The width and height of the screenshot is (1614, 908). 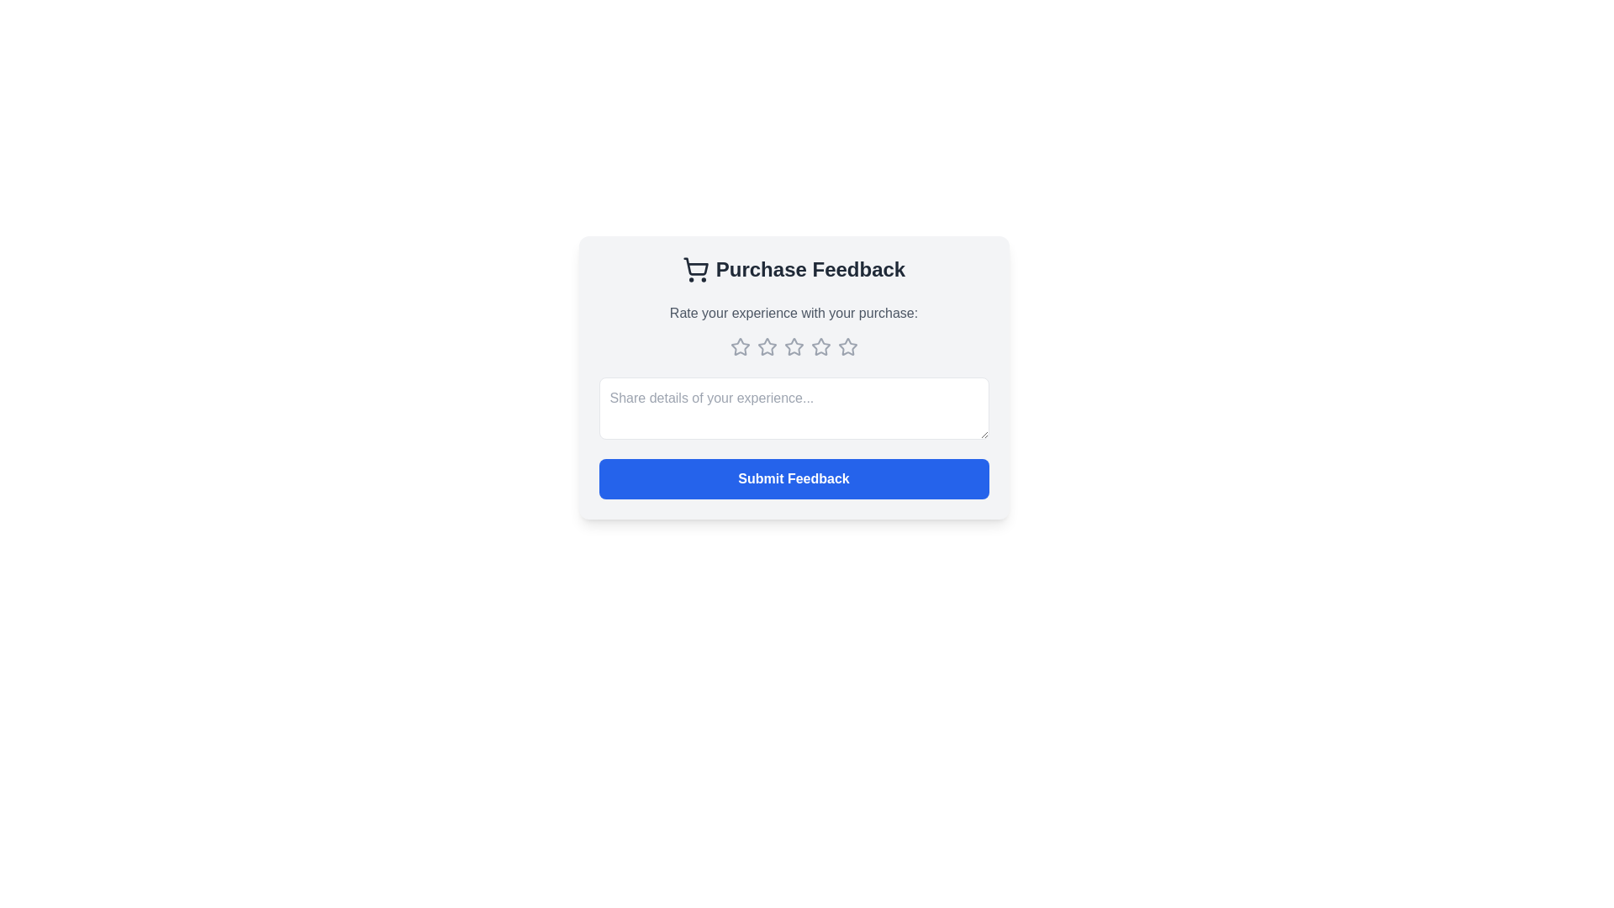 I want to click on the second rating star icon in the feedback form card, so click(x=766, y=346).